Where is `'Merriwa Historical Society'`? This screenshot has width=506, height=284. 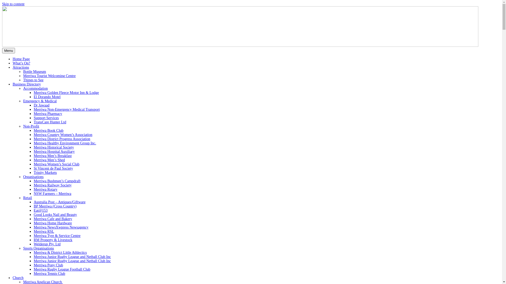
'Merriwa Historical Society' is located at coordinates (54, 147).